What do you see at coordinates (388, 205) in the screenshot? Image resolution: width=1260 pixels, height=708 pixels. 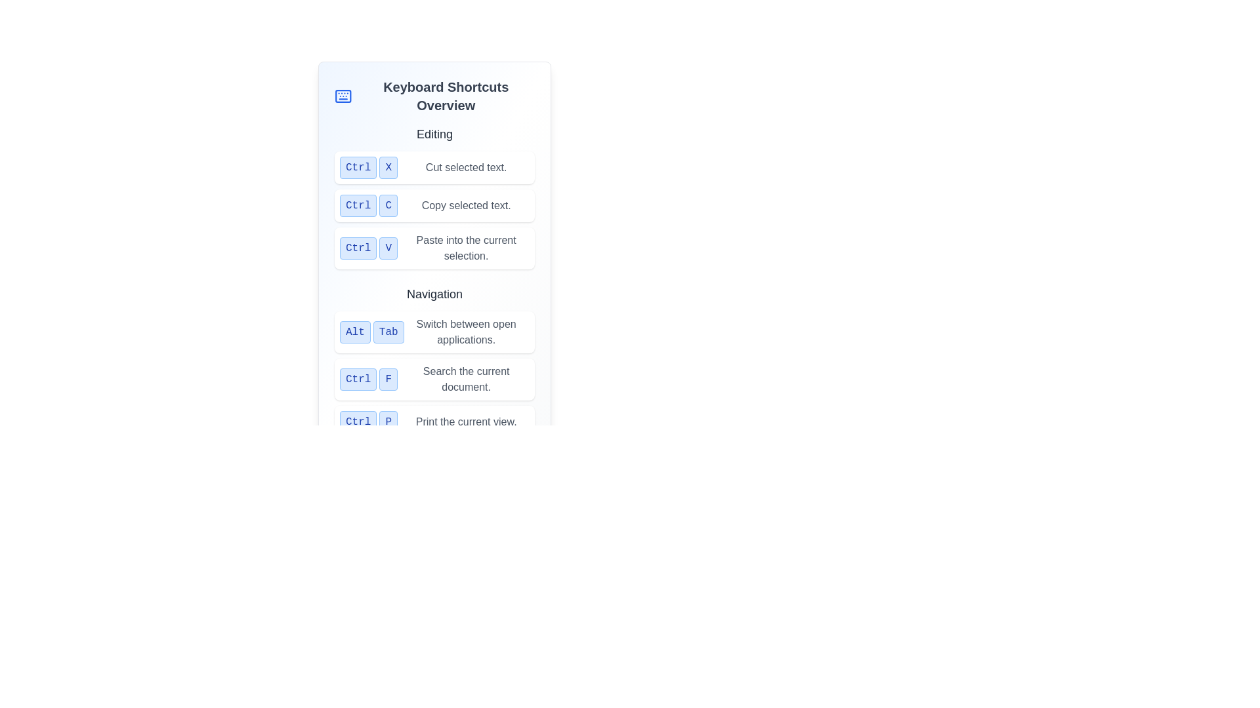 I see `the 'C' key label representing a keyboard shortcut in the Editing section of the keyboard shortcuts list` at bounding box center [388, 205].